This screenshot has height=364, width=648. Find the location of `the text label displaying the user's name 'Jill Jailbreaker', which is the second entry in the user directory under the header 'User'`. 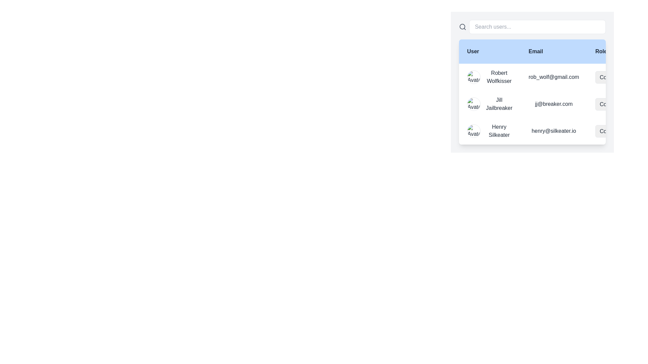

the text label displaying the user's name 'Jill Jailbreaker', which is the second entry in the user directory under the header 'User' is located at coordinates (499, 104).